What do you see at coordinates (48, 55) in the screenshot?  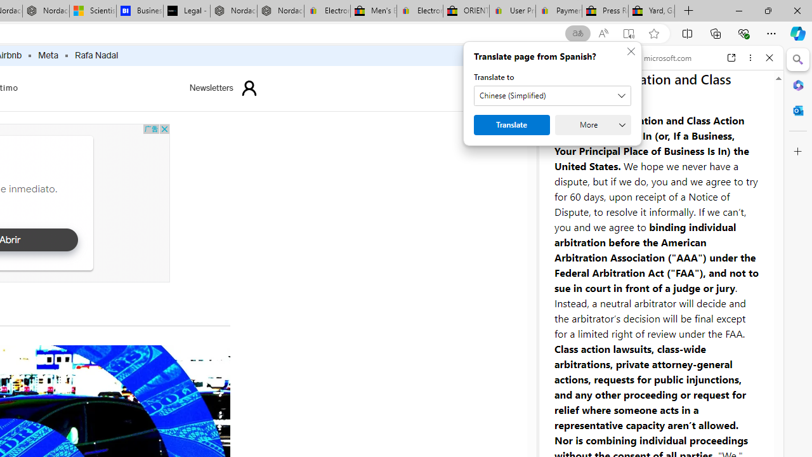 I see `'Meta'` at bounding box center [48, 55].